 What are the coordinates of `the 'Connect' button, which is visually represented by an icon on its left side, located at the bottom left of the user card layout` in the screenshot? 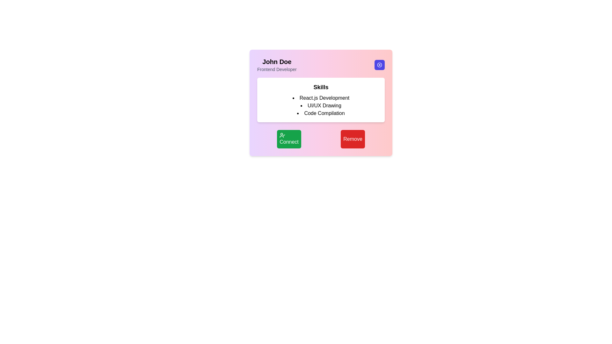 It's located at (282, 135).